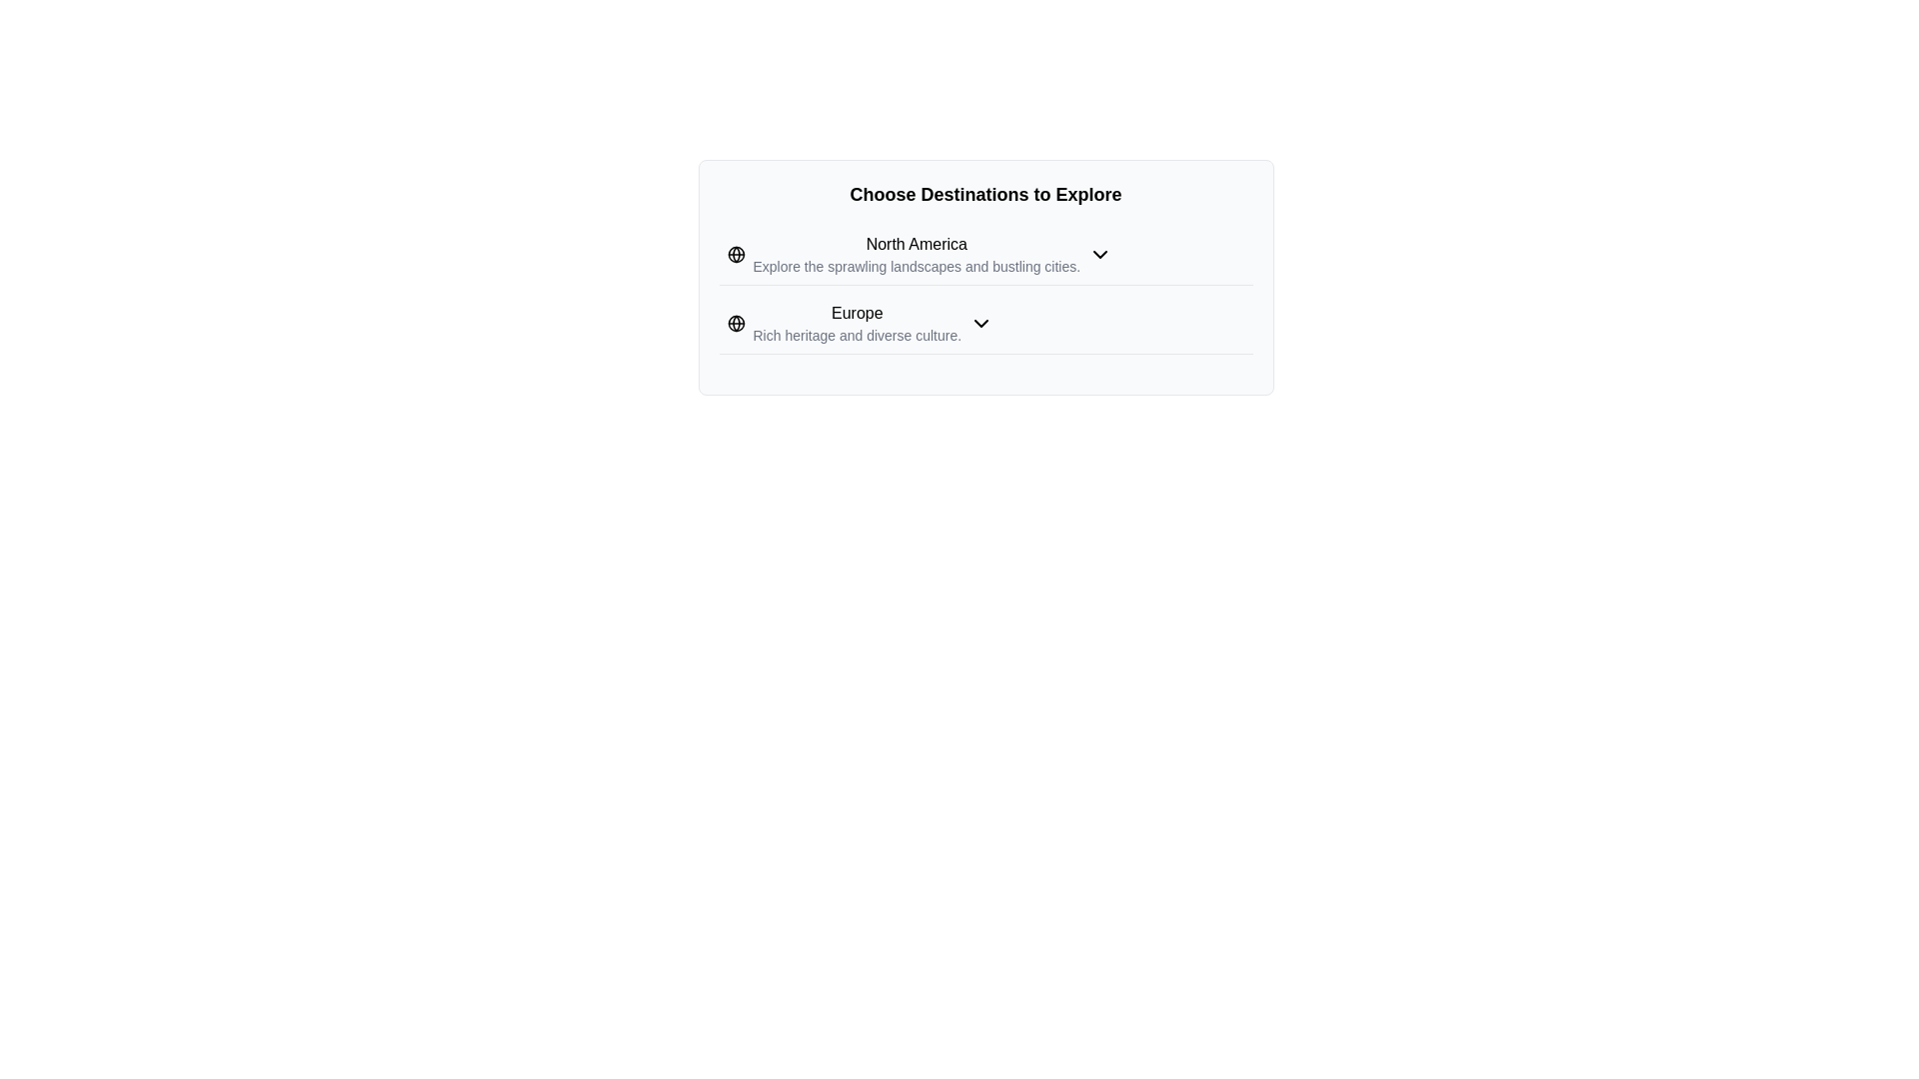 The height and width of the screenshot is (1079, 1919). Describe the element at coordinates (735, 323) in the screenshot. I see `the decorative globe icon positioned to the left of the text 'Europe' in the second entry of the list` at that location.